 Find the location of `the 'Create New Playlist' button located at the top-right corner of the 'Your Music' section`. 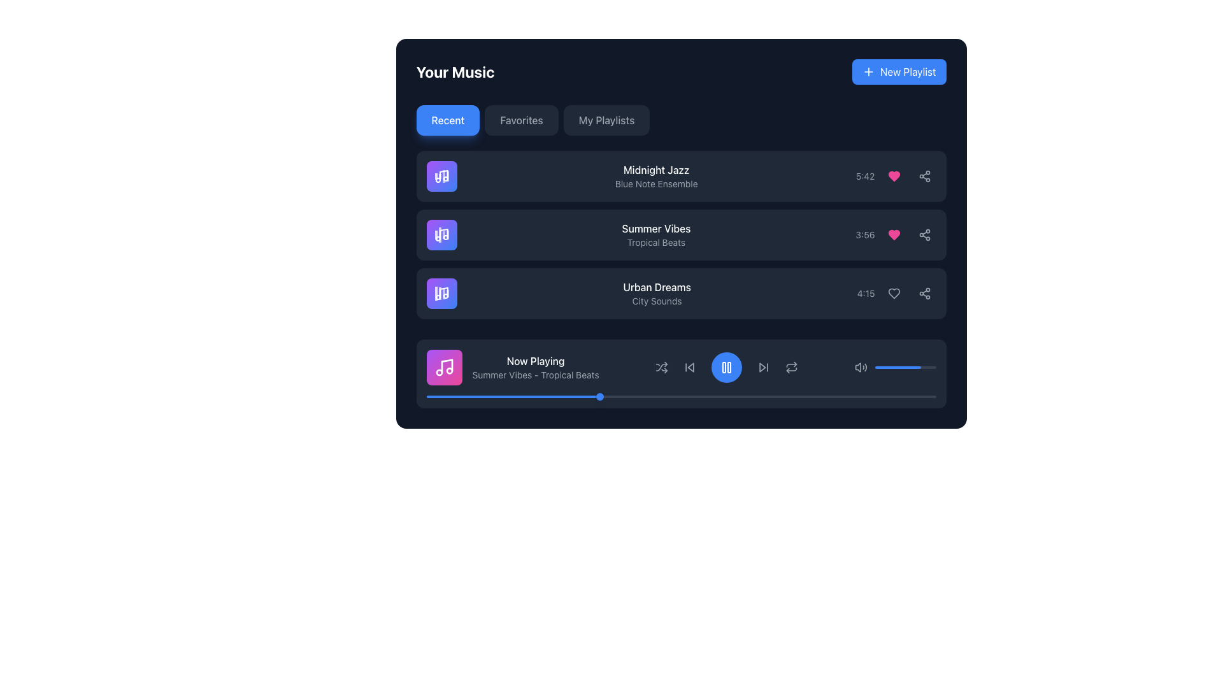

the 'Create New Playlist' button located at the top-right corner of the 'Your Music' section is located at coordinates (898, 71).